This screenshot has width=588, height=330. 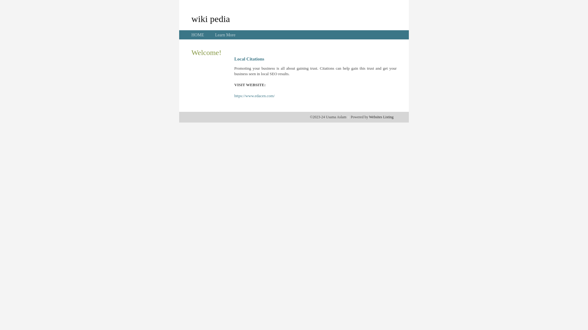 I want to click on 'HOME', so click(x=198, y=35).